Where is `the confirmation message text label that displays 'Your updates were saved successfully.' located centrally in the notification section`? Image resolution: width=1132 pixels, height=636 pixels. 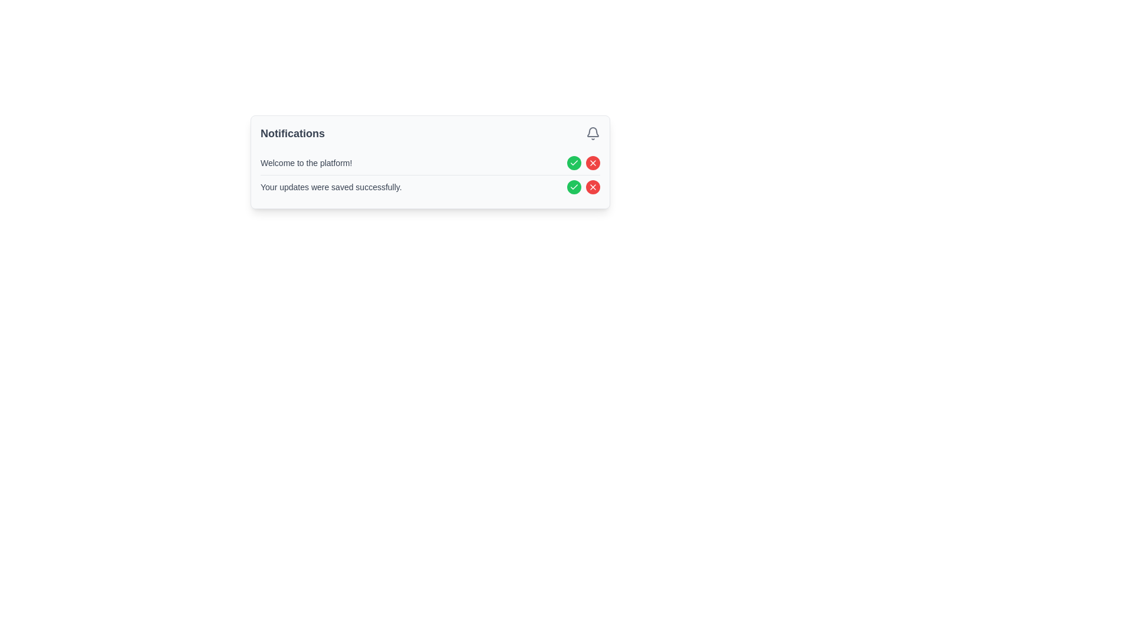 the confirmation message text label that displays 'Your updates were saved successfully.' located centrally in the notification section is located at coordinates (330, 186).